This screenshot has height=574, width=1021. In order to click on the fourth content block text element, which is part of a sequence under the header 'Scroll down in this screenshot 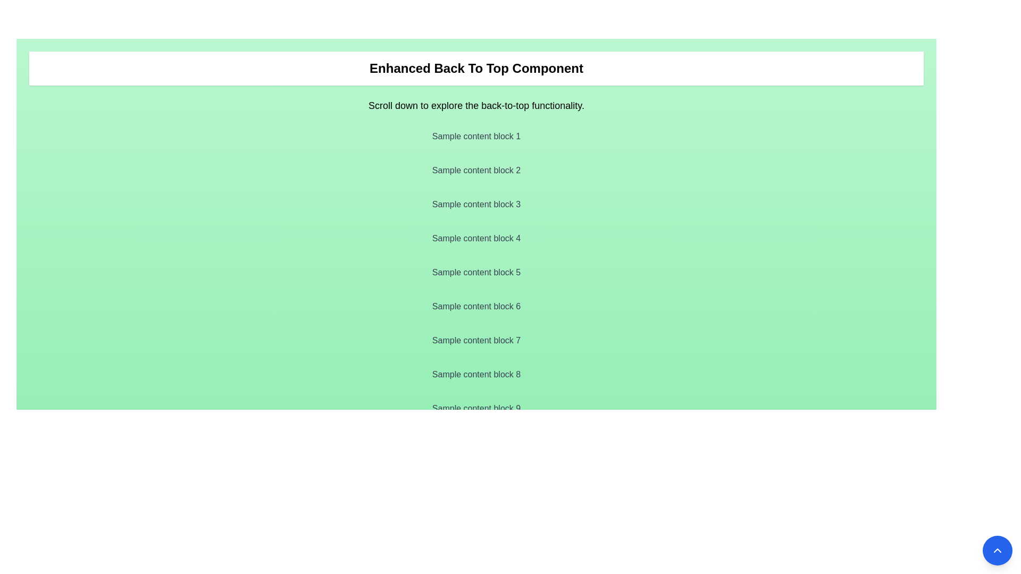, I will do `click(476, 238)`.